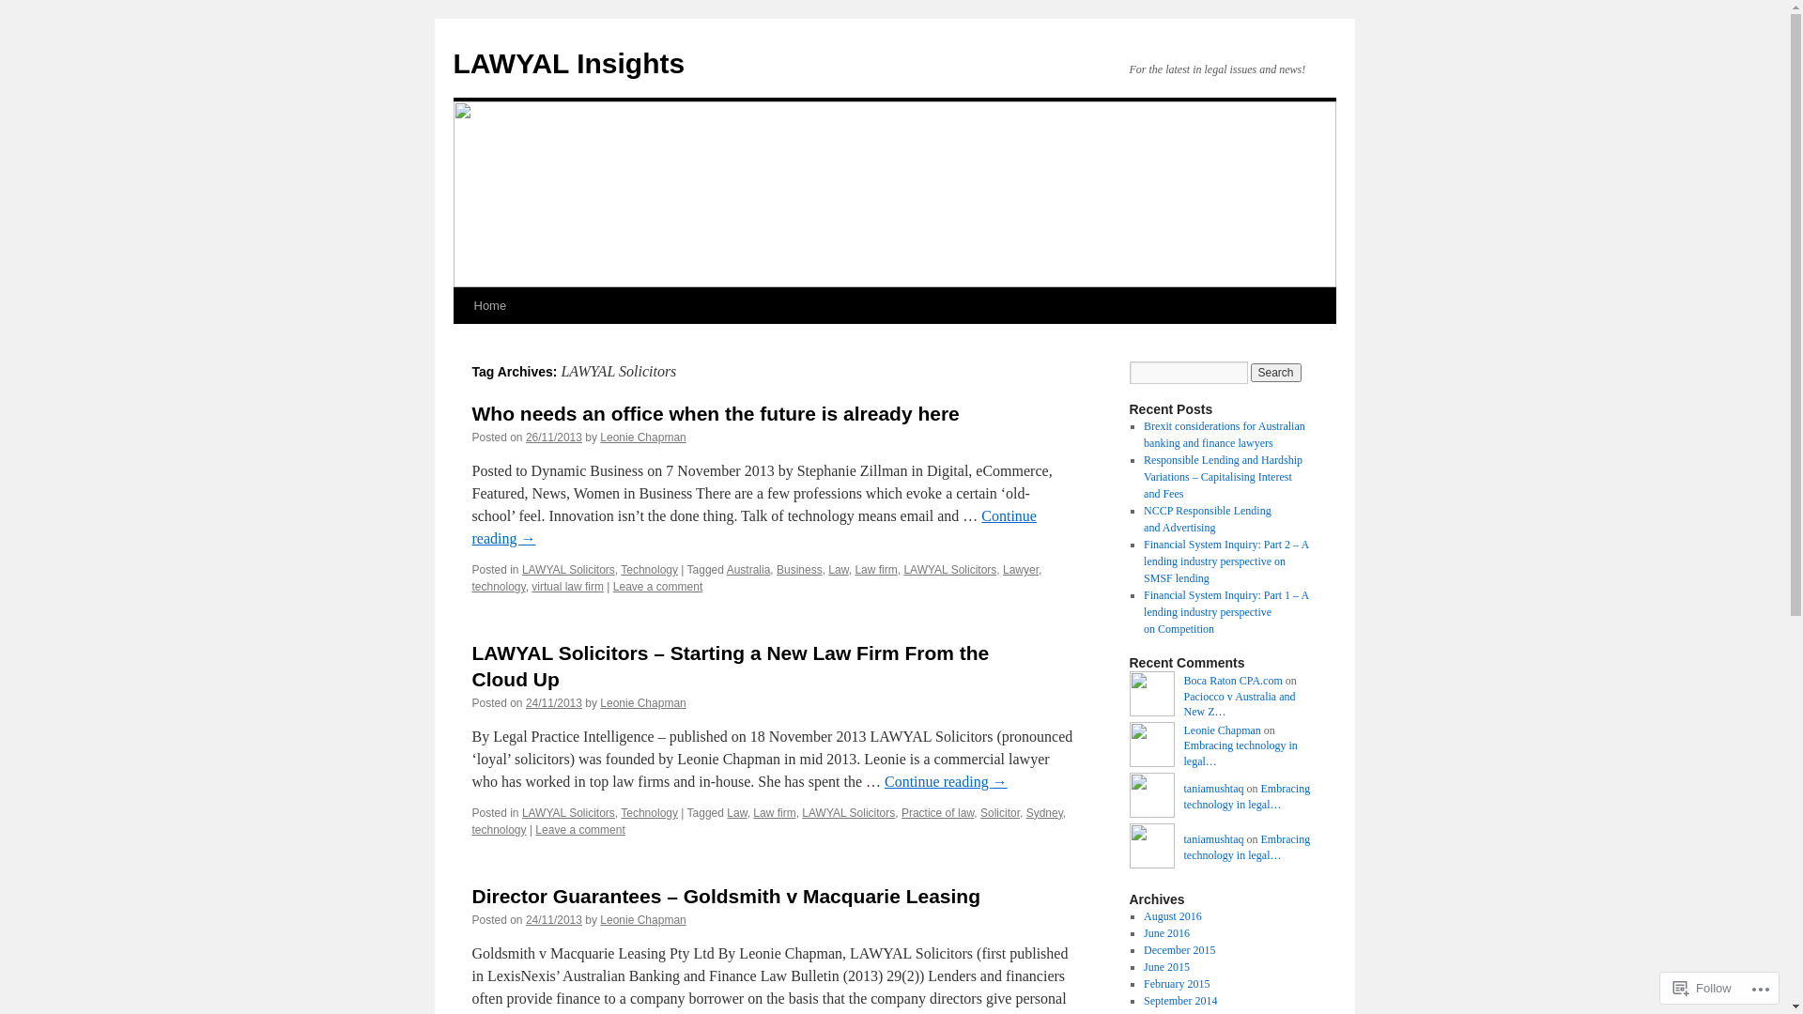 Image resolution: width=1803 pixels, height=1014 pixels. I want to click on '26/11/2013', so click(526, 438).